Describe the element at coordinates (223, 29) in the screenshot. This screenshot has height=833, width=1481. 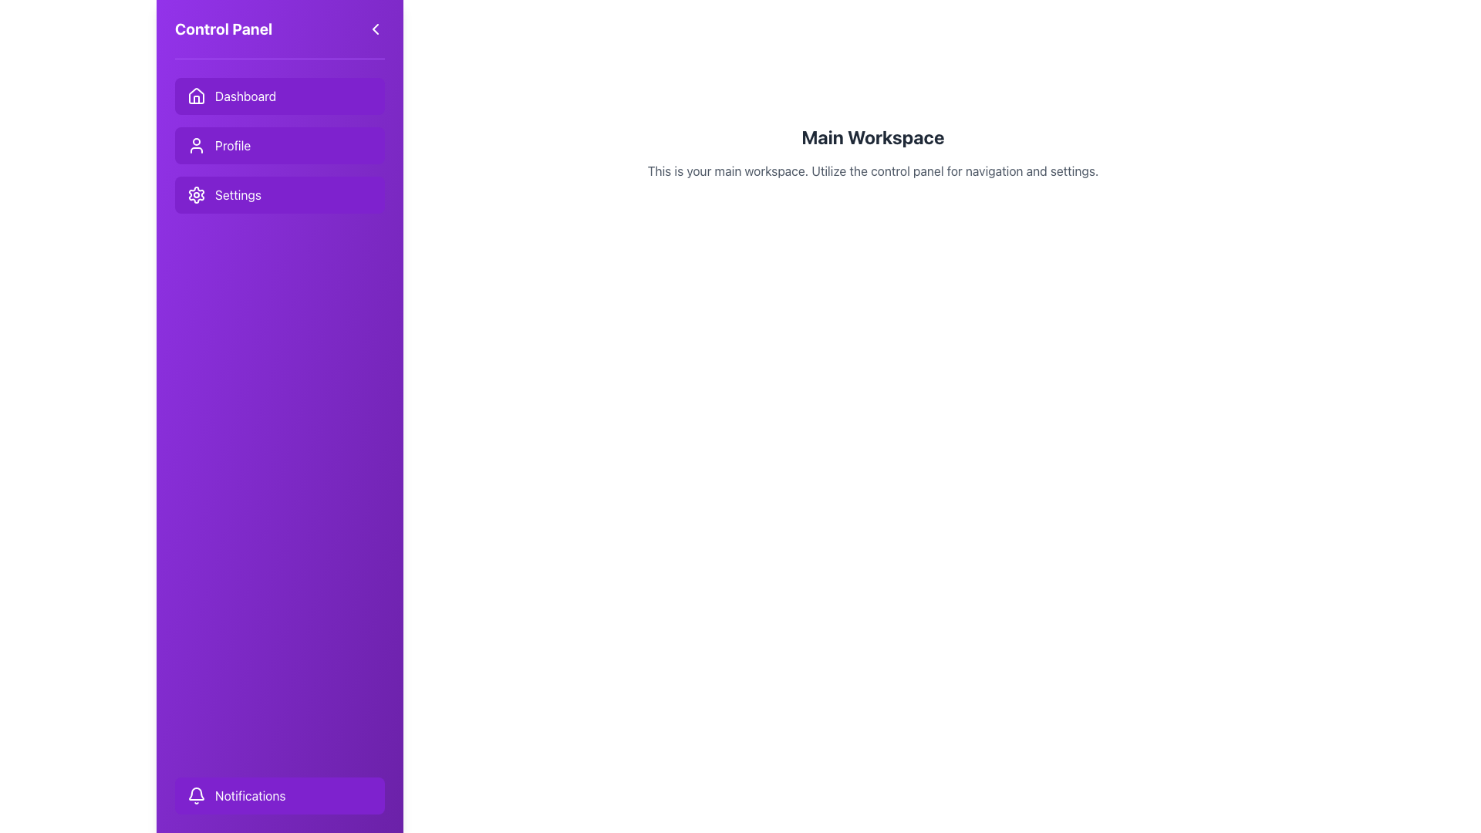
I see `the bold 'Control Panel' heading text element, which is styled with 'text-xl font-bold' and colored white on a purple background, located at the top left corner of the sidebar` at that location.